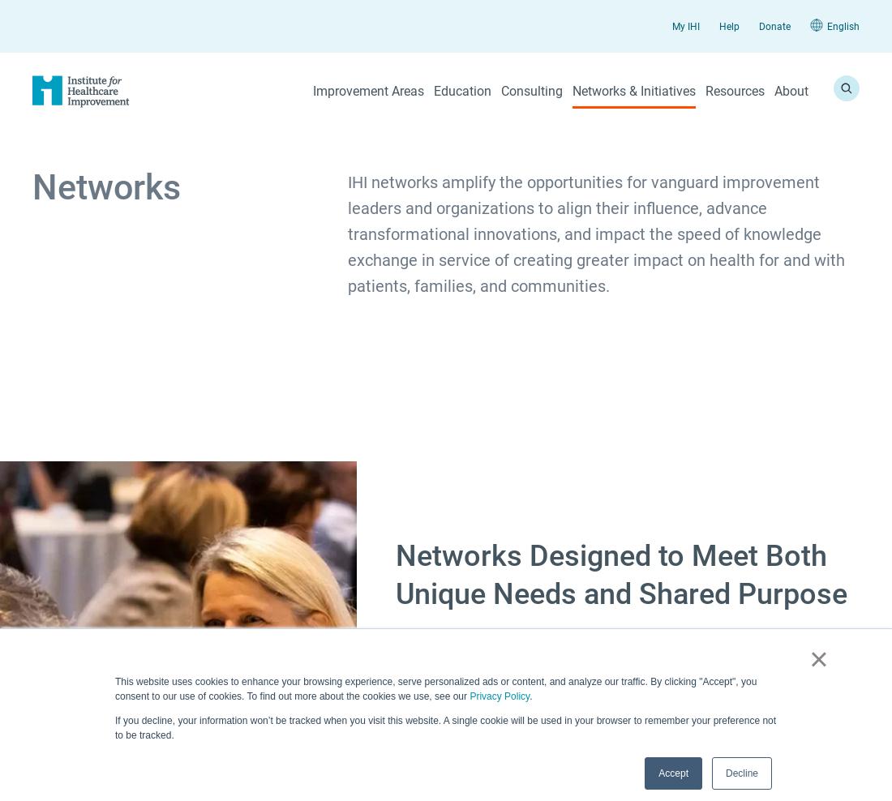 This screenshot has height=801, width=892. Describe the element at coordinates (352, 430) in the screenshot. I see `'Workforce Safety'` at that location.